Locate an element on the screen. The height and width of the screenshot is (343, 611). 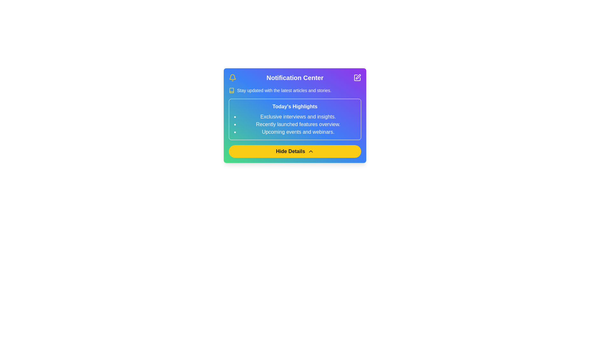
the pen icon located at the top-right corner of the Notification Center is located at coordinates (357, 77).